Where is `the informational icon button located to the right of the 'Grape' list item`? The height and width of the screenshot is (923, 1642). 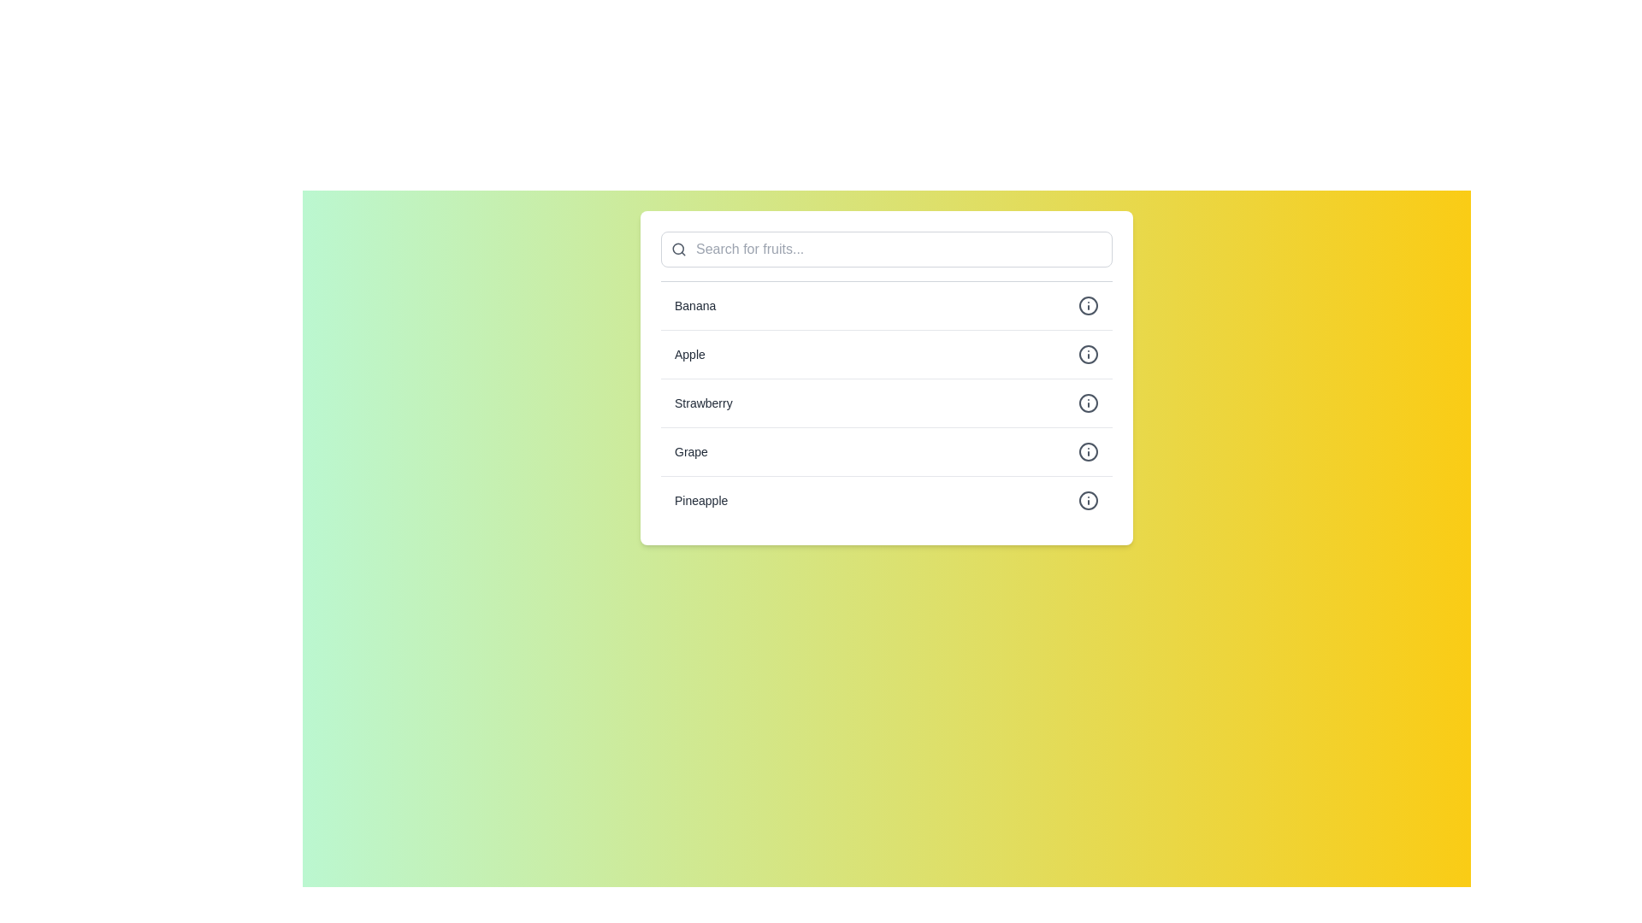
the informational icon button located to the right of the 'Grape' list item is located at coordinates (1087, 450).